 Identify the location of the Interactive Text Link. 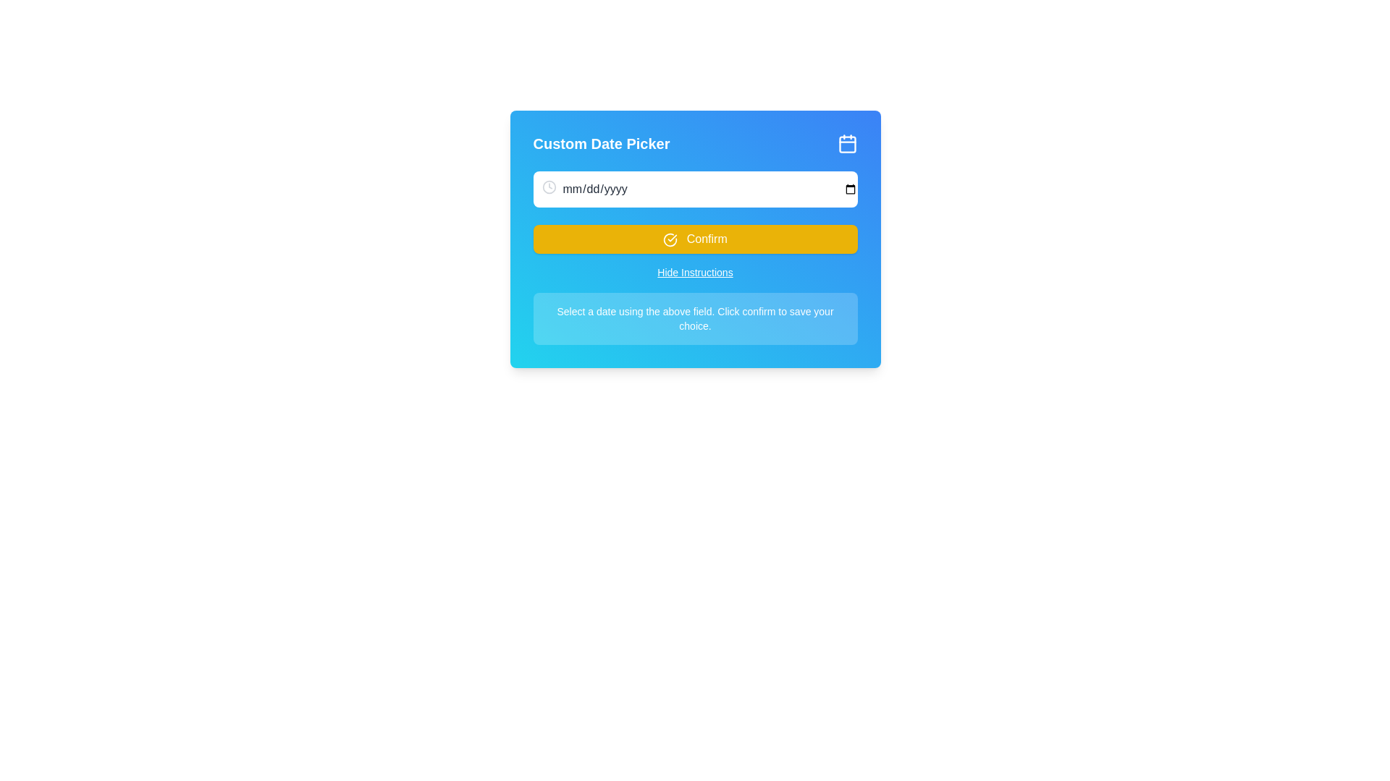
(695, 273).